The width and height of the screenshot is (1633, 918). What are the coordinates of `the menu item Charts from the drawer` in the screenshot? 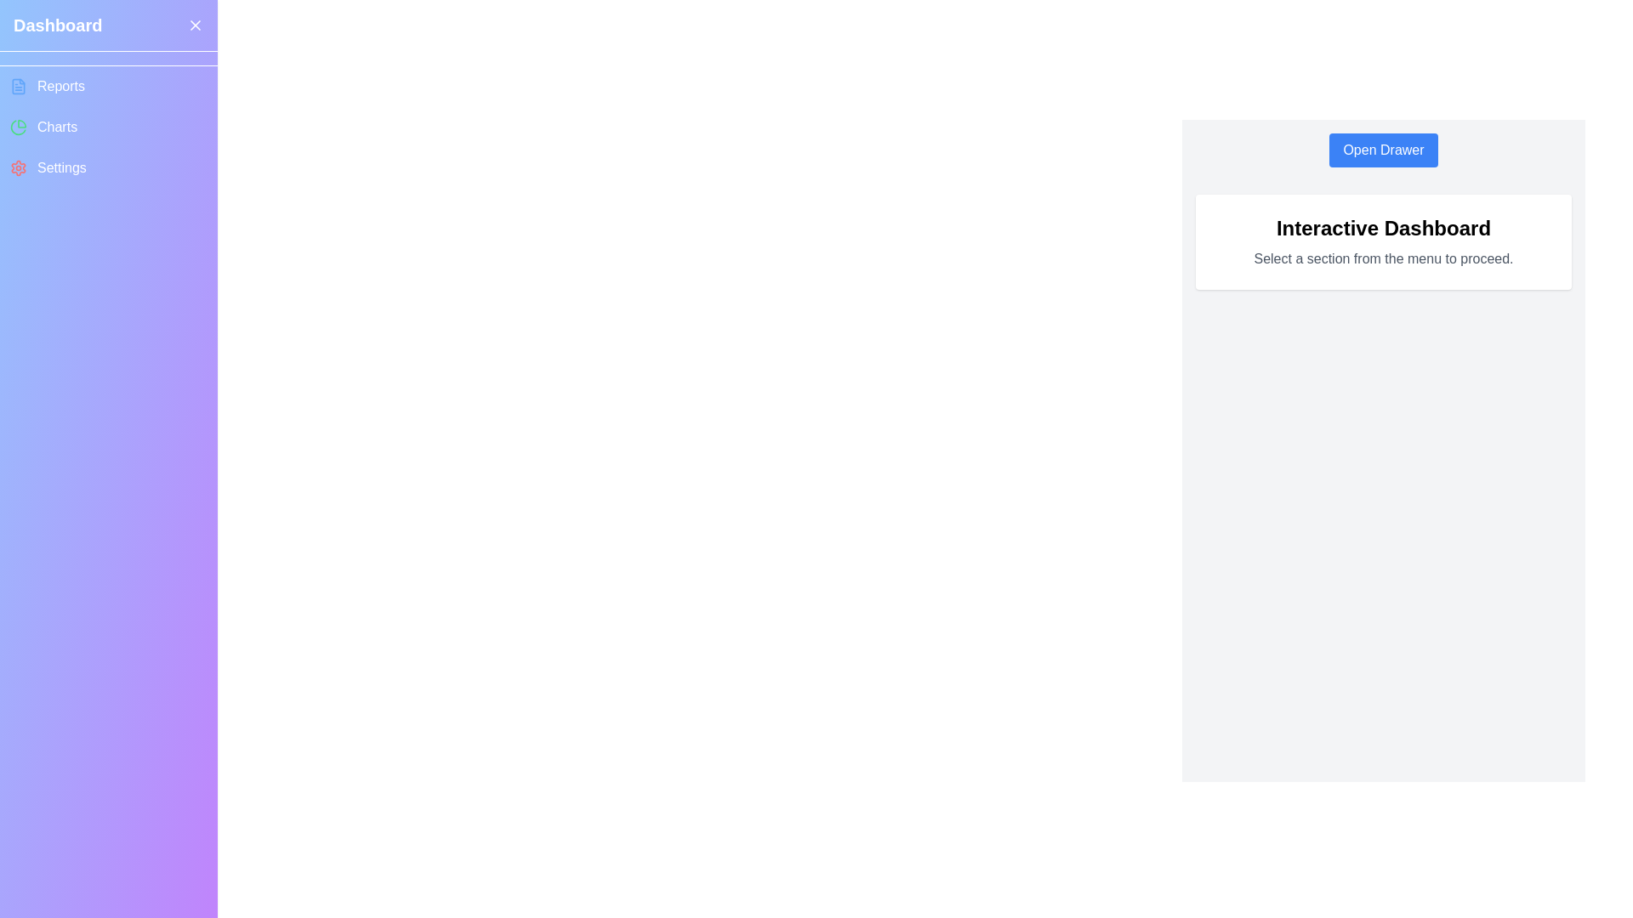 It's located at (108, 127).